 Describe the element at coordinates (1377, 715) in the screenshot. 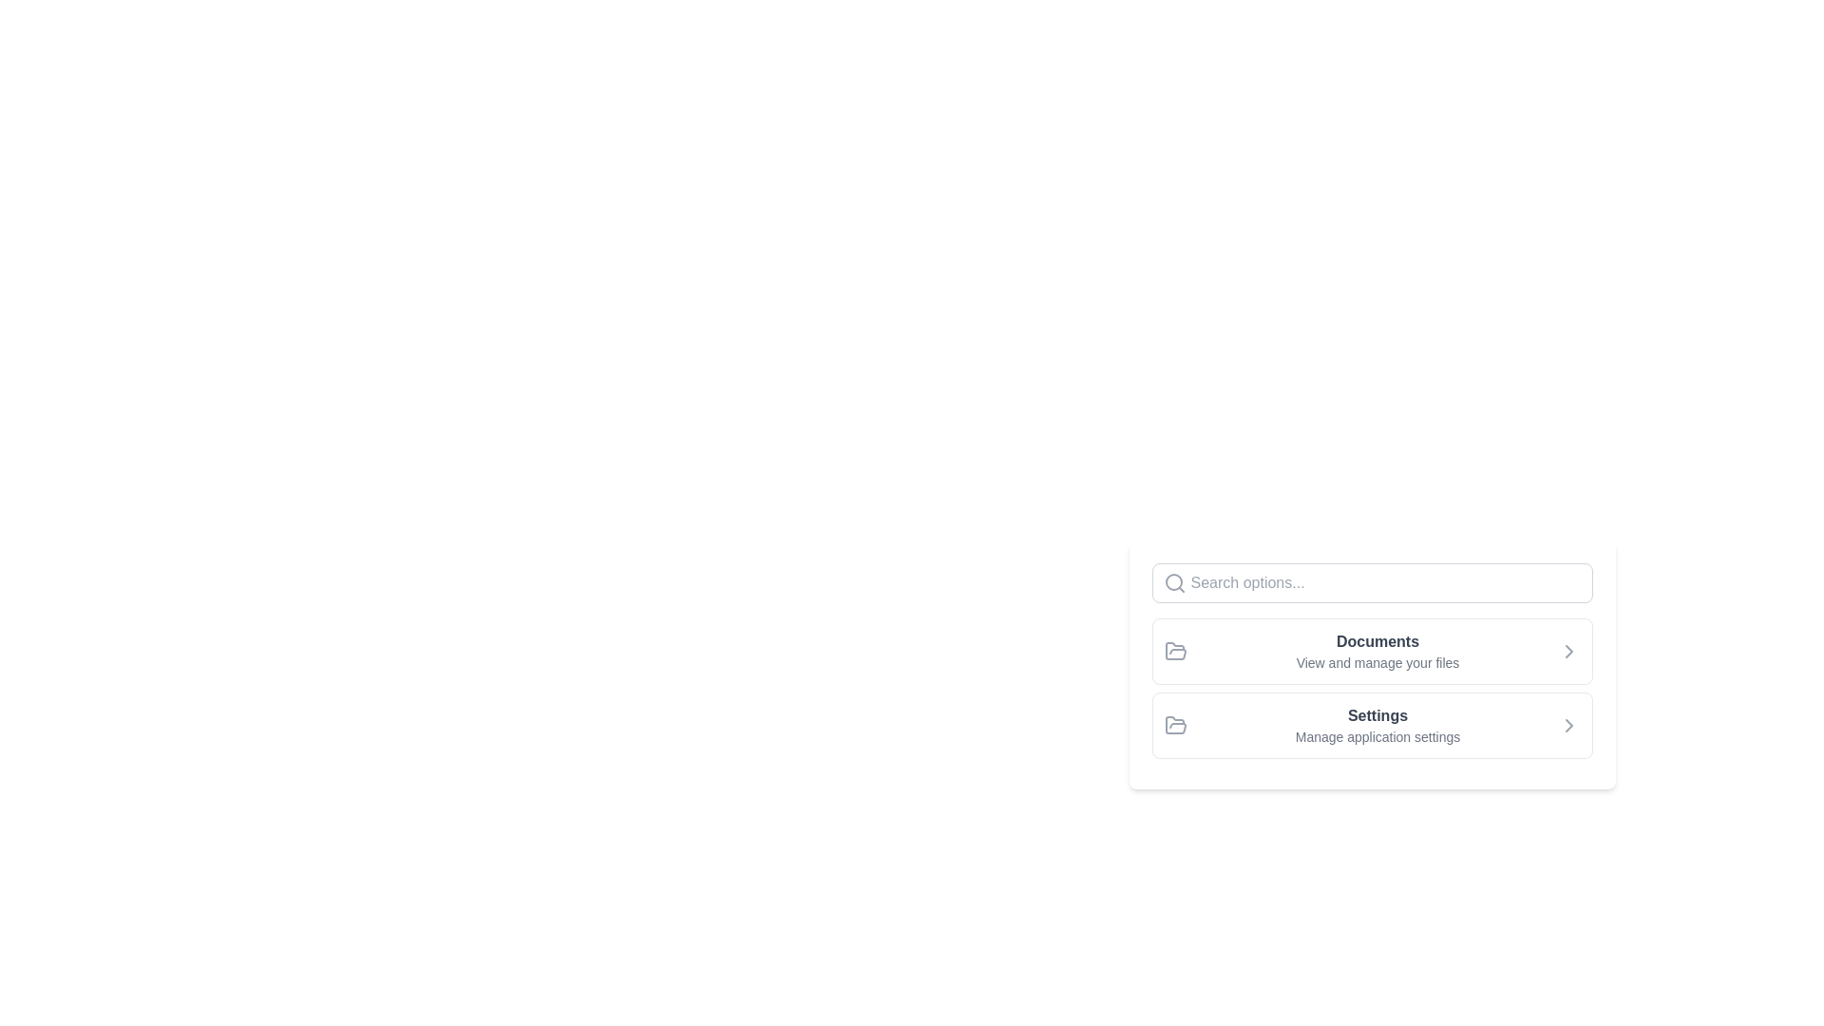

I see `the Text Label that serves as the header for the settings section, located above the description 'Manage application settings'` at that location.